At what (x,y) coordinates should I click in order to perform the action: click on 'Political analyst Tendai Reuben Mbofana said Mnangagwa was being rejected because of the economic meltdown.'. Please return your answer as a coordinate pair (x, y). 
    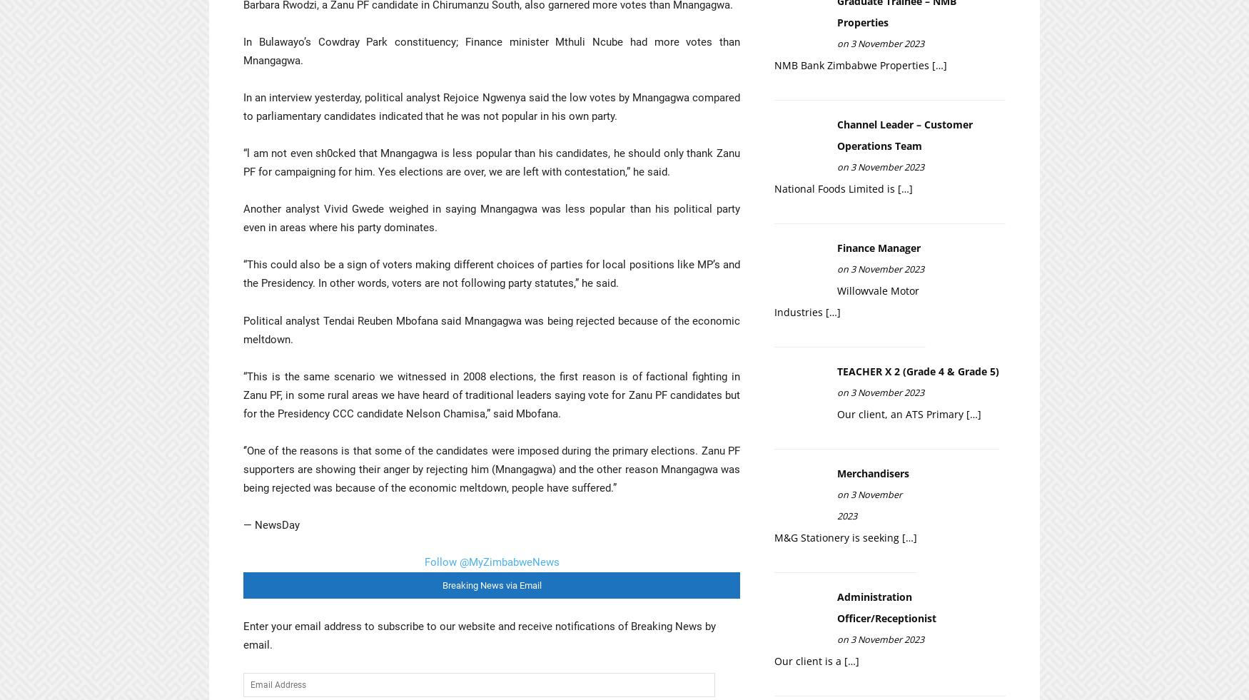
    Looking at the image, I should click on (491, 328).